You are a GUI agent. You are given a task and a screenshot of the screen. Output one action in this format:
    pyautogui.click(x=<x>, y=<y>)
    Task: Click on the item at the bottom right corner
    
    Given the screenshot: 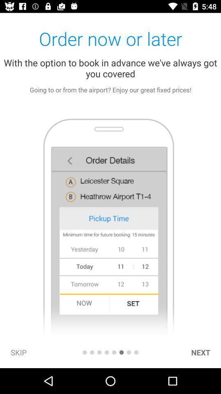 What is the action you would take?
    pyautogui.click(x=200, y=352)
    